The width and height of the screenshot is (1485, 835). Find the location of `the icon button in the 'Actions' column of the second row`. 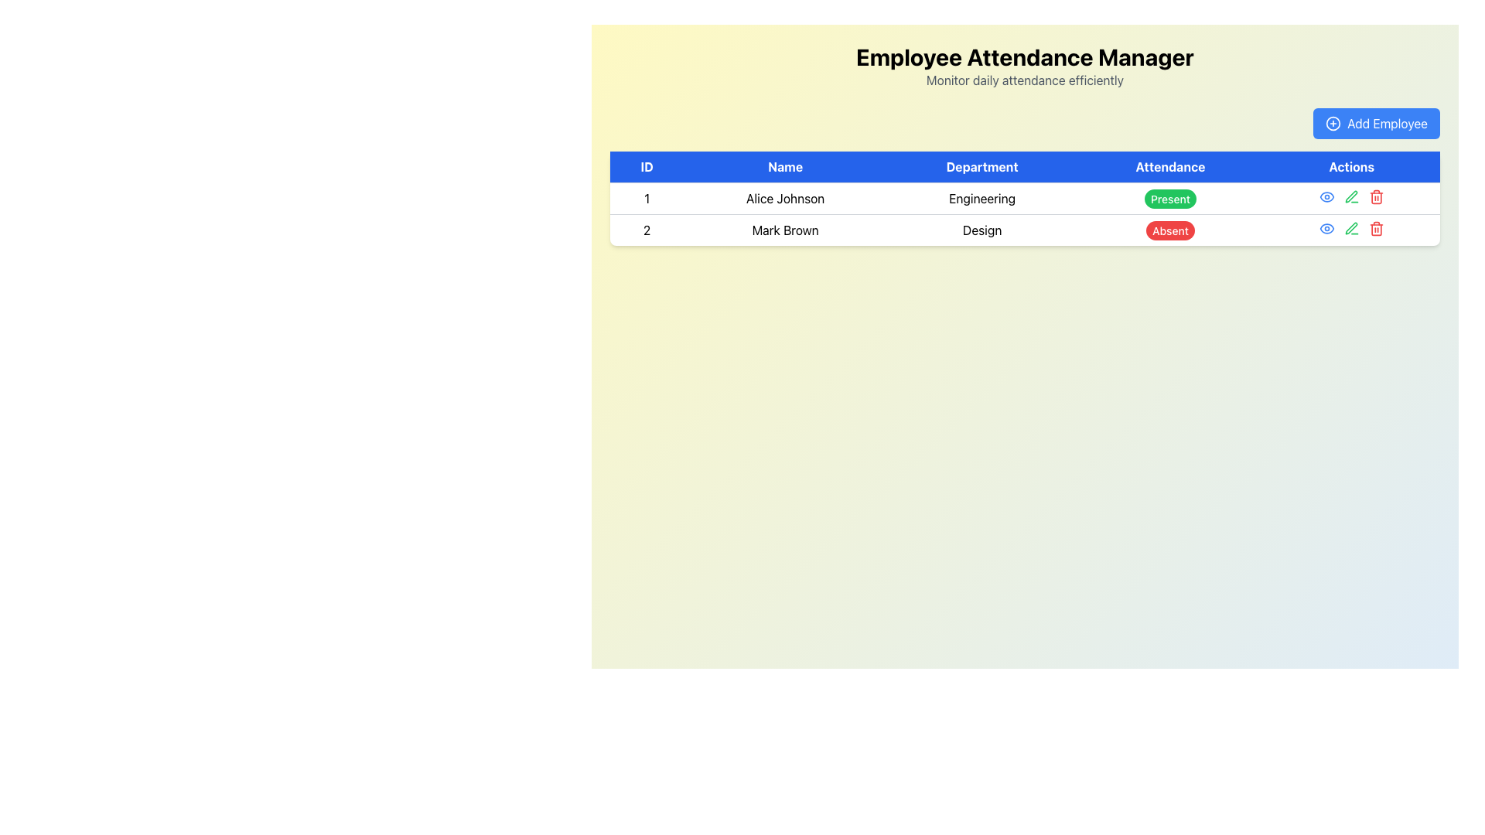

the icon button in the 'Actions' column of the second row is located at coordinates (1350, 229).